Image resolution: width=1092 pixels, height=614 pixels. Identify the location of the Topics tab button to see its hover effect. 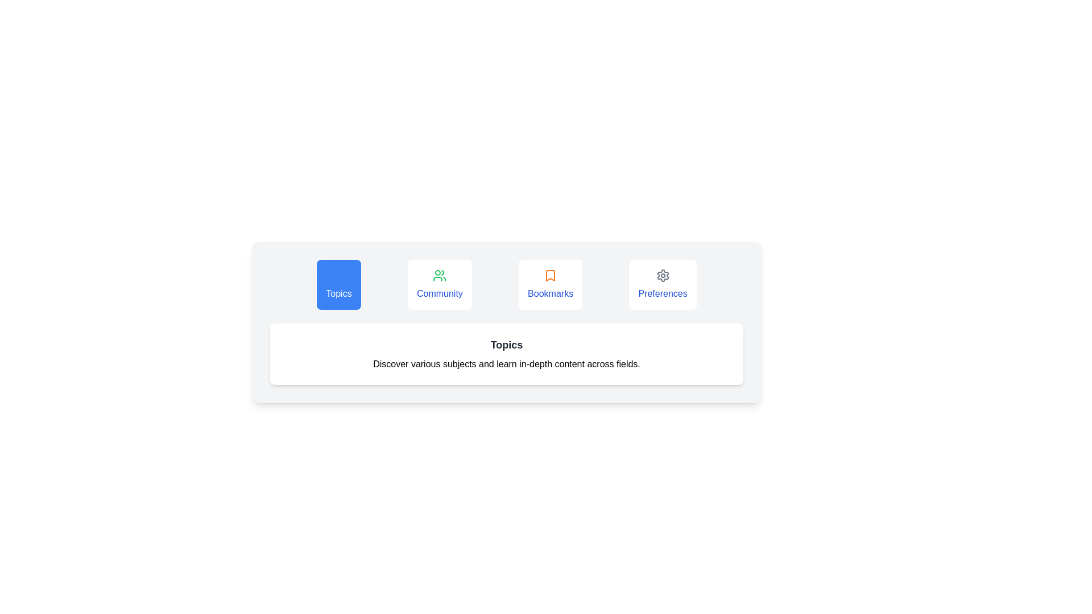
(338, 284).